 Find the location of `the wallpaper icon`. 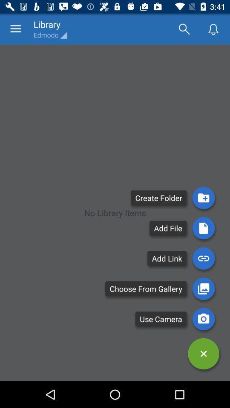

the wallpaper icon is located at coordinates (203, 289).